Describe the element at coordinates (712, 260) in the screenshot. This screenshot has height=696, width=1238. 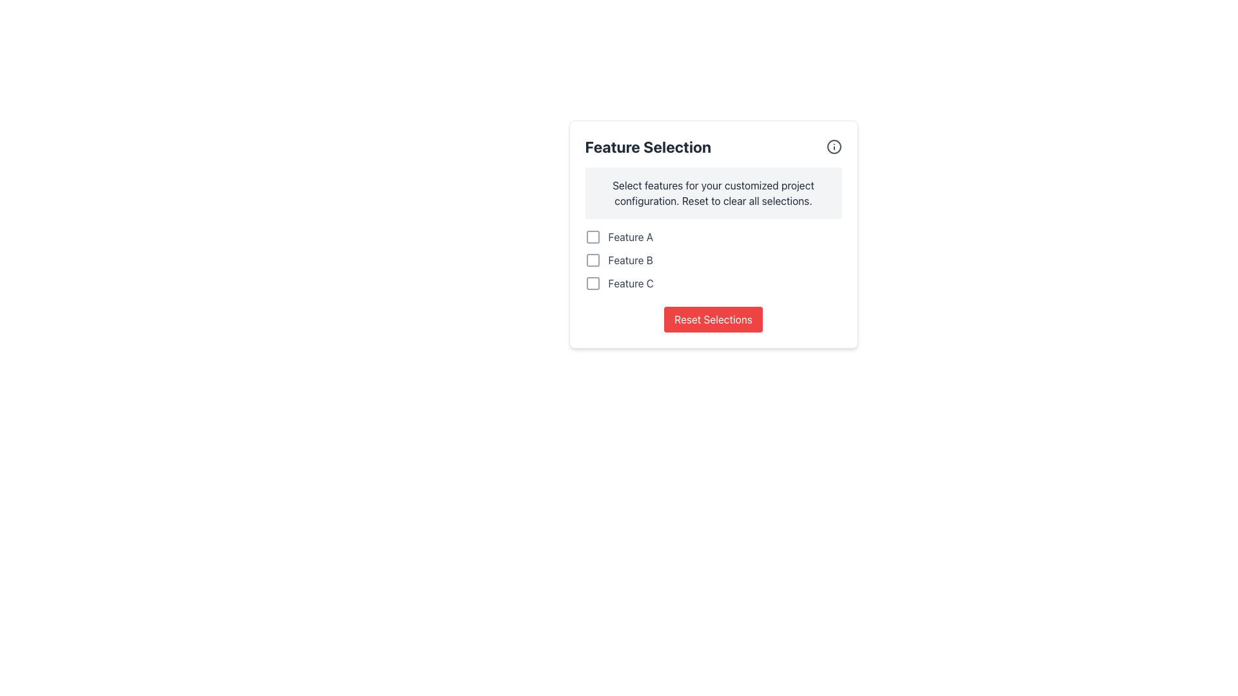
I see `the selectable list item representing 'Feature B'` at that location.